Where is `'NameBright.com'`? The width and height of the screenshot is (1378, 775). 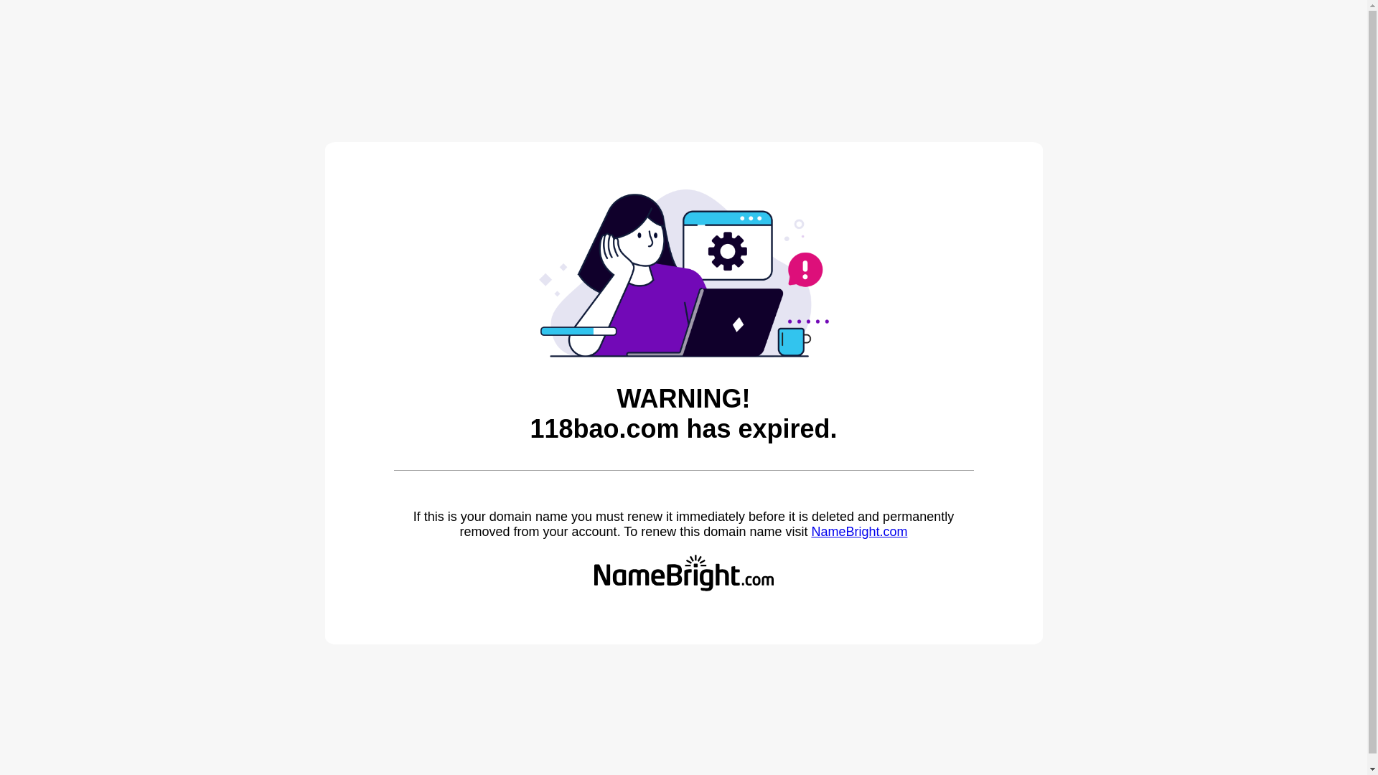 'NameBright.com' is located at coordinates (810, 531).